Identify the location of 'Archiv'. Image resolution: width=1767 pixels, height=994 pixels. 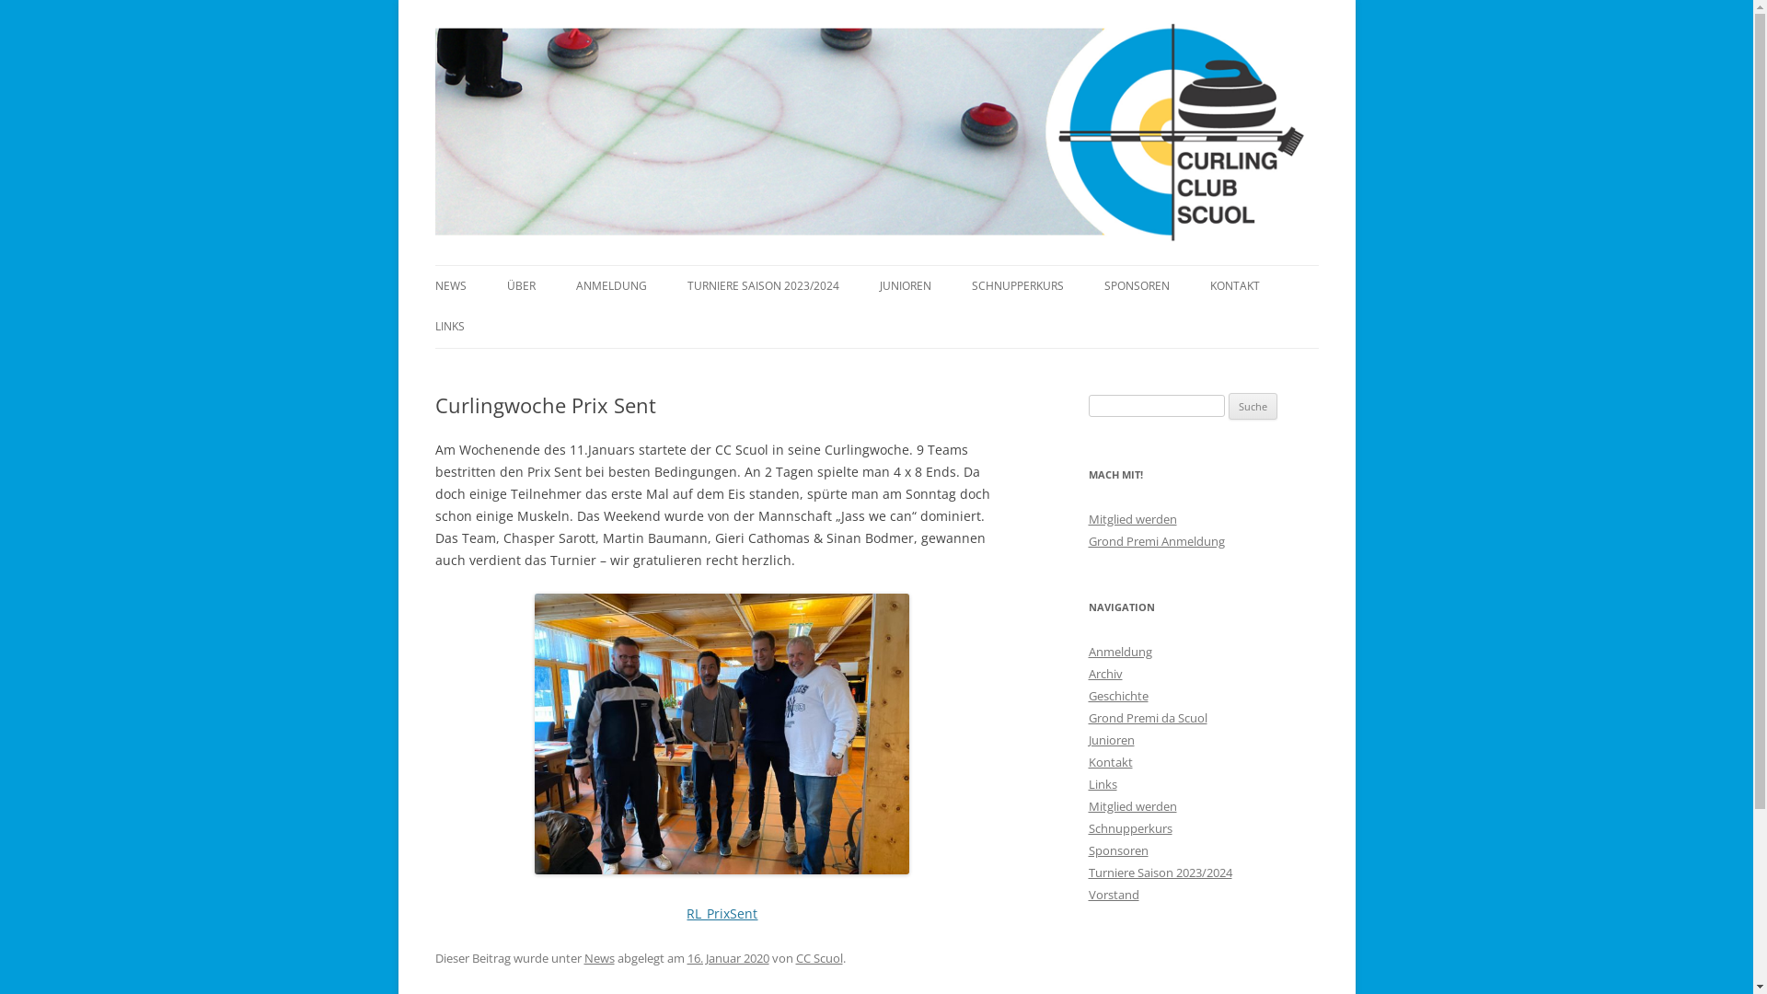
(1104, 674).